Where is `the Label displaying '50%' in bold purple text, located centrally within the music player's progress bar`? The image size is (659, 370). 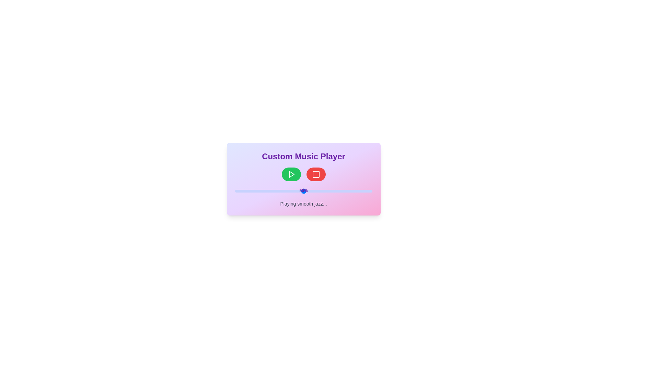
the Label displaying '50%' in bold purple text, located centrally within the music player's progress bar is located at coordinates (303, 190).